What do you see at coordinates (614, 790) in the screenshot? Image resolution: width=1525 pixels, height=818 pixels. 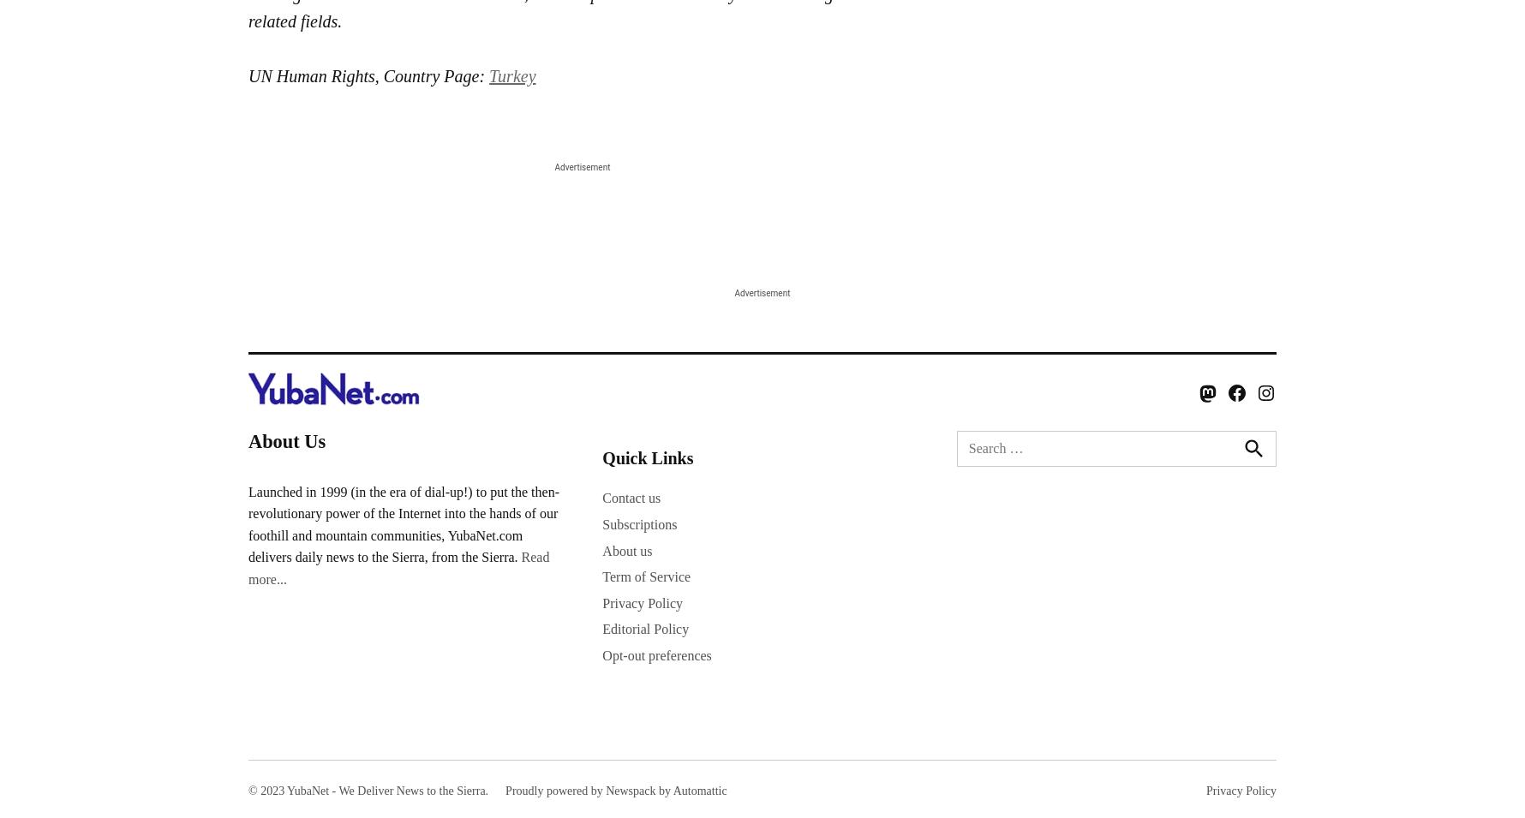 I see `'Proudly powered by Newspack by Automattic'` at bounding box center [614, 790].